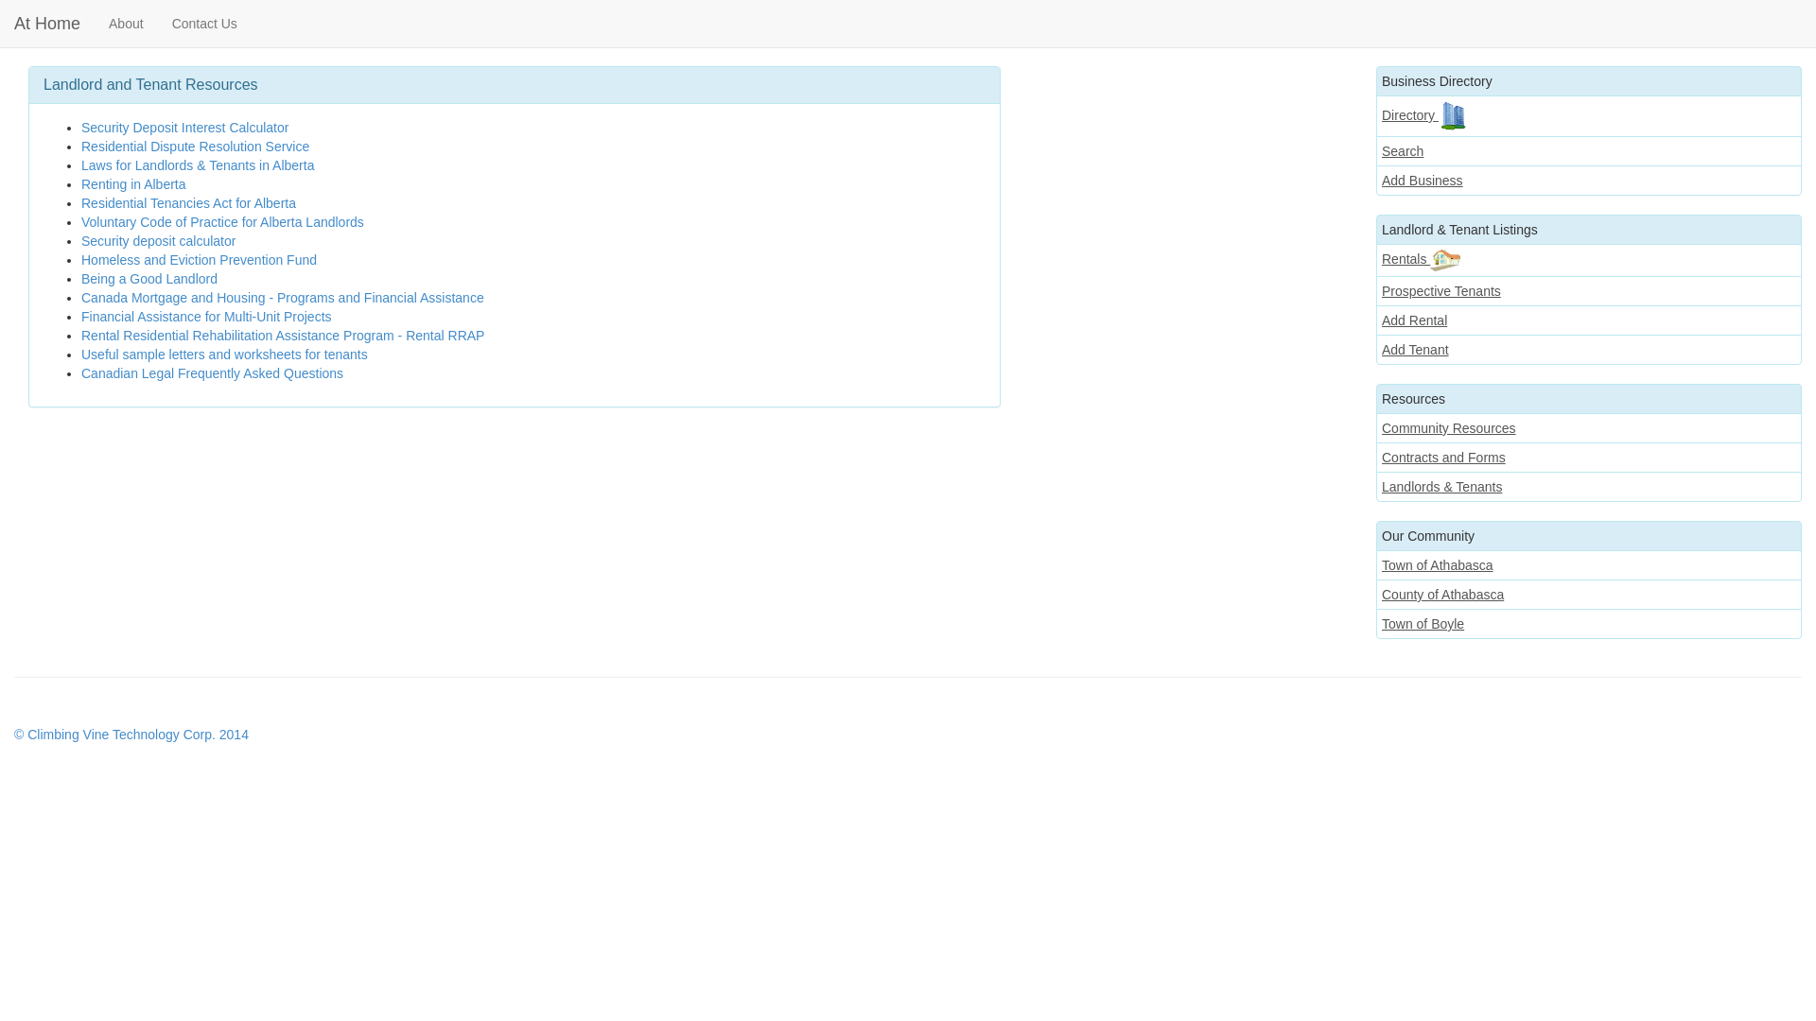 The width and height of the screenshot is (1816, 1021). What do you see at coordinates (222, 221) in the screenshot?
I see `'Voluntary Code of Practice for Alberta Landlords'` at bounding box center [222, 221].